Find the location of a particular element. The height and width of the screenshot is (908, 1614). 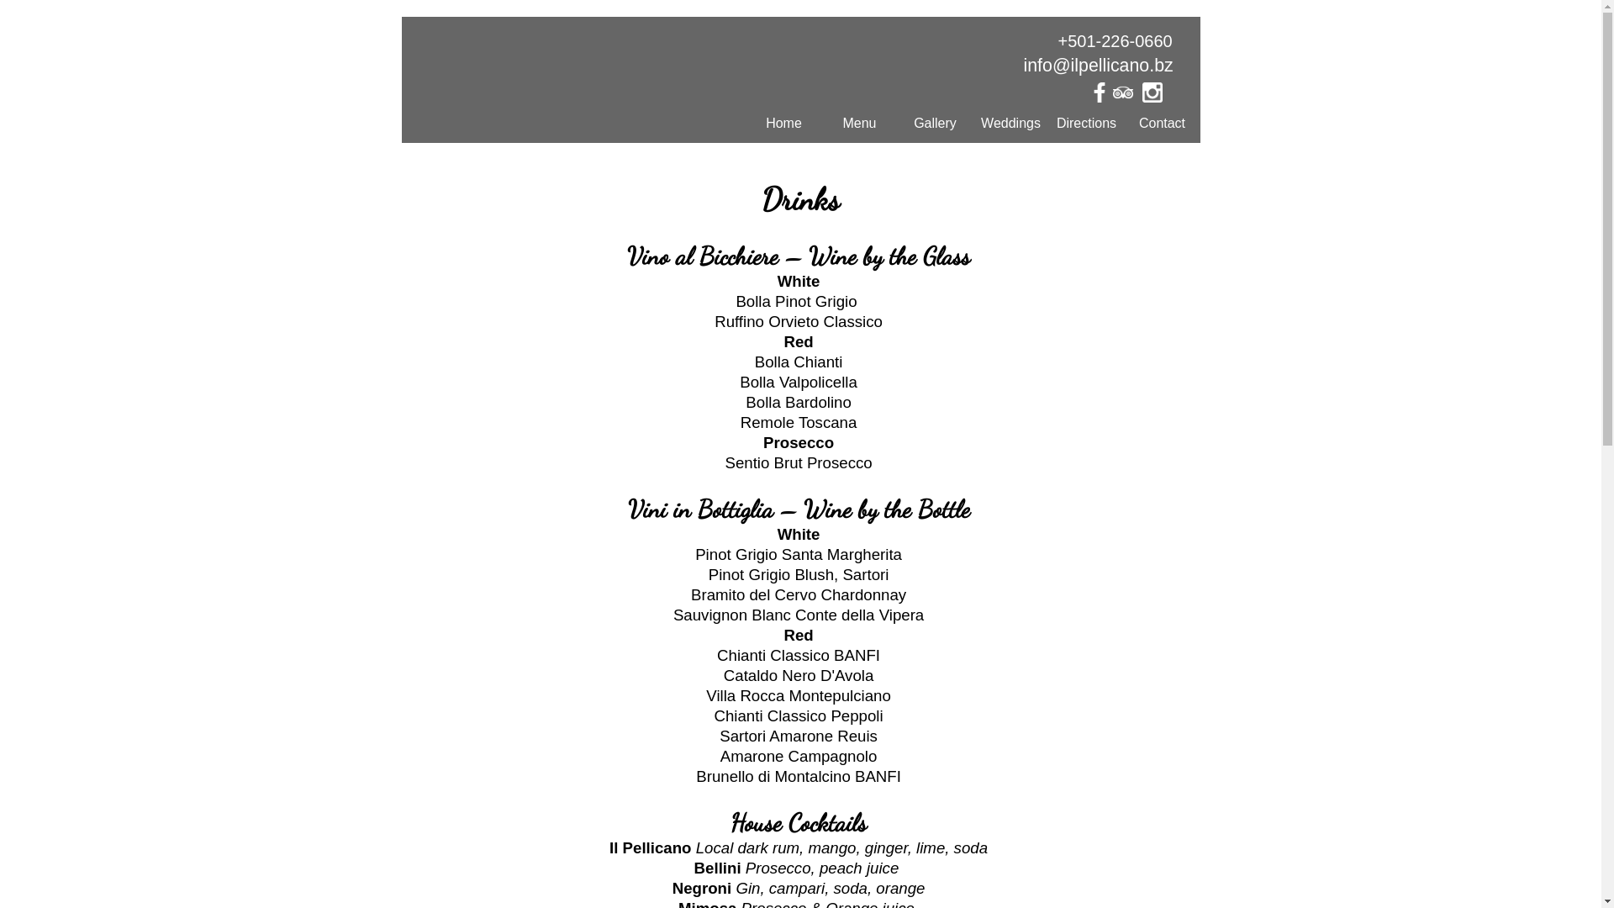

'  ' is located at coordinates (1128, 97).